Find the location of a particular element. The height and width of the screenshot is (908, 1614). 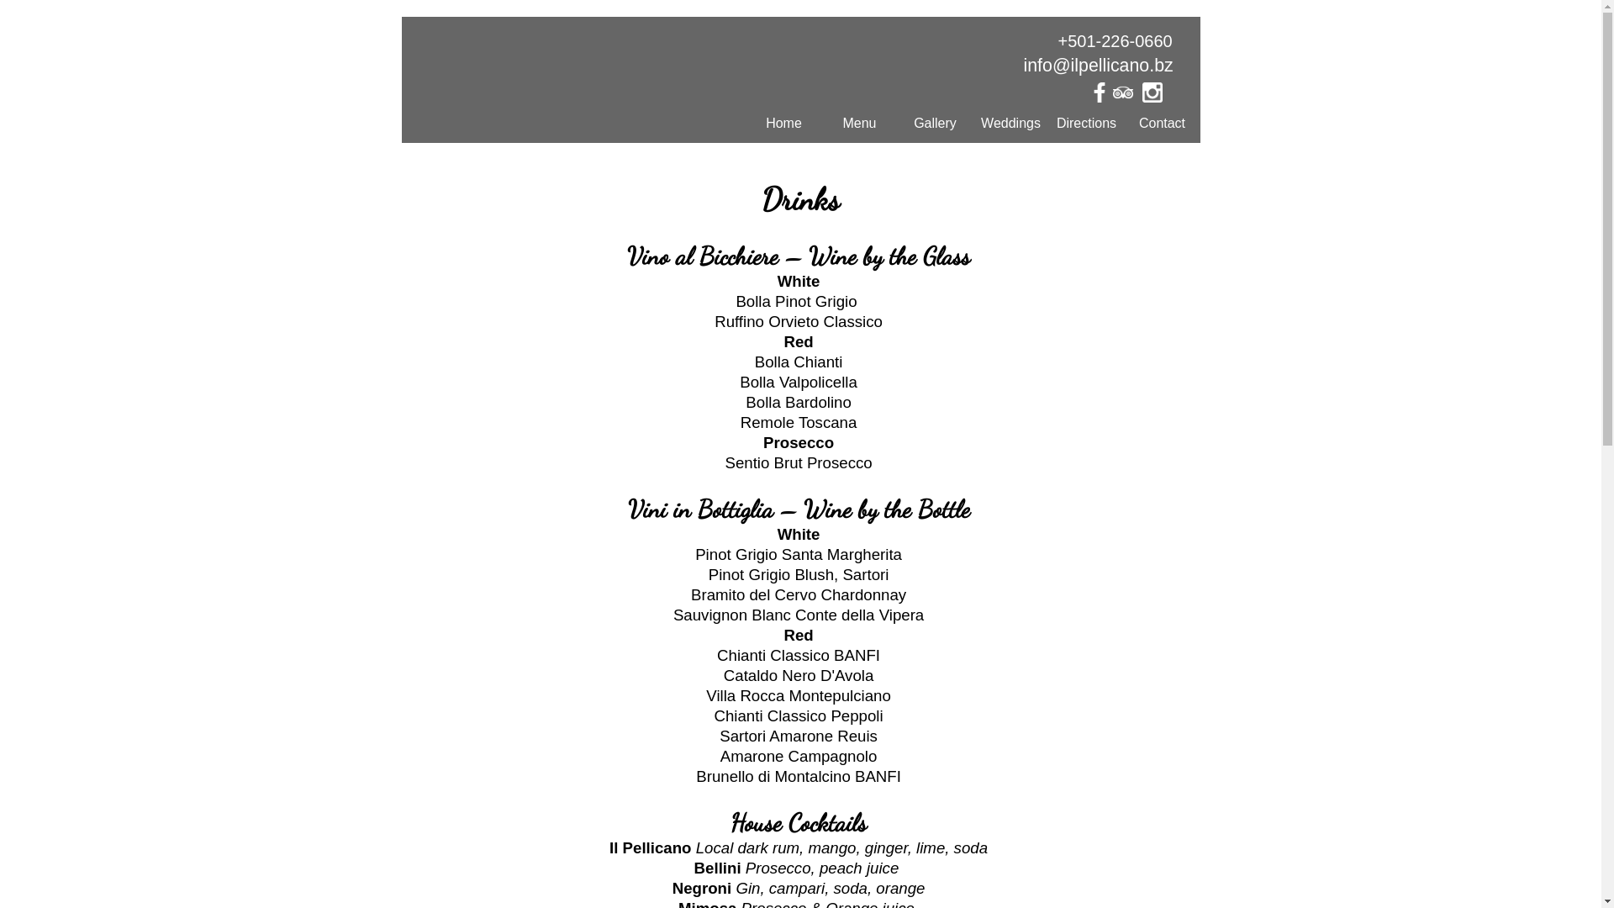

'  ' is located at coordinates (1128, 97).